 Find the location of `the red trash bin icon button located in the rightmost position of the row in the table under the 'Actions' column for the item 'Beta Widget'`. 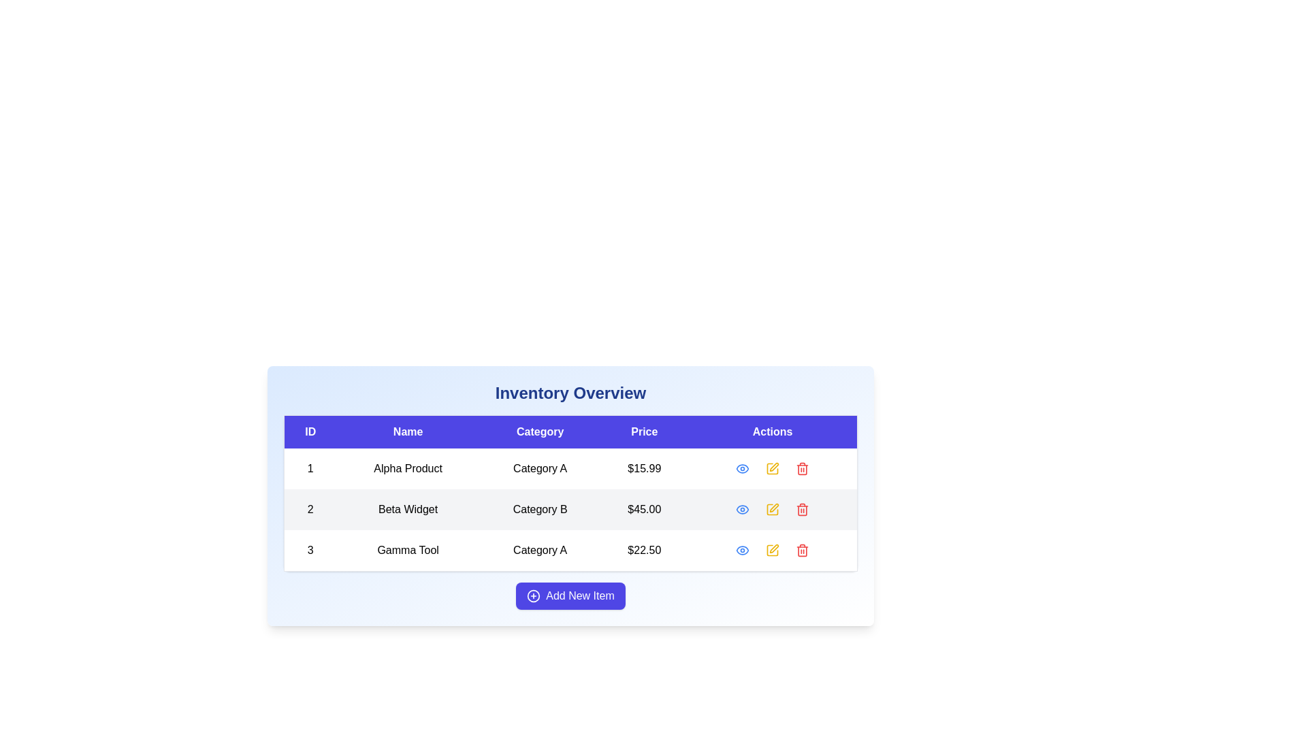

the red trash bin icon button located in the rightmost position of the row in the table under the 'Actions' column for the item 'Beta Widget' is located at coordinates (803, 509).